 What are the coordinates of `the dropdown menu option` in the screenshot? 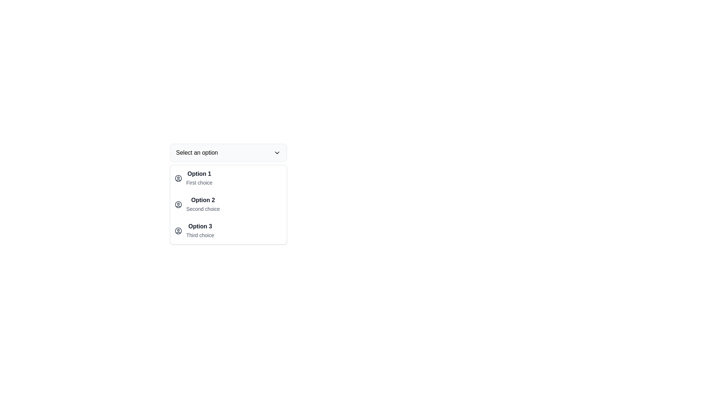 It's located at (228, 204).